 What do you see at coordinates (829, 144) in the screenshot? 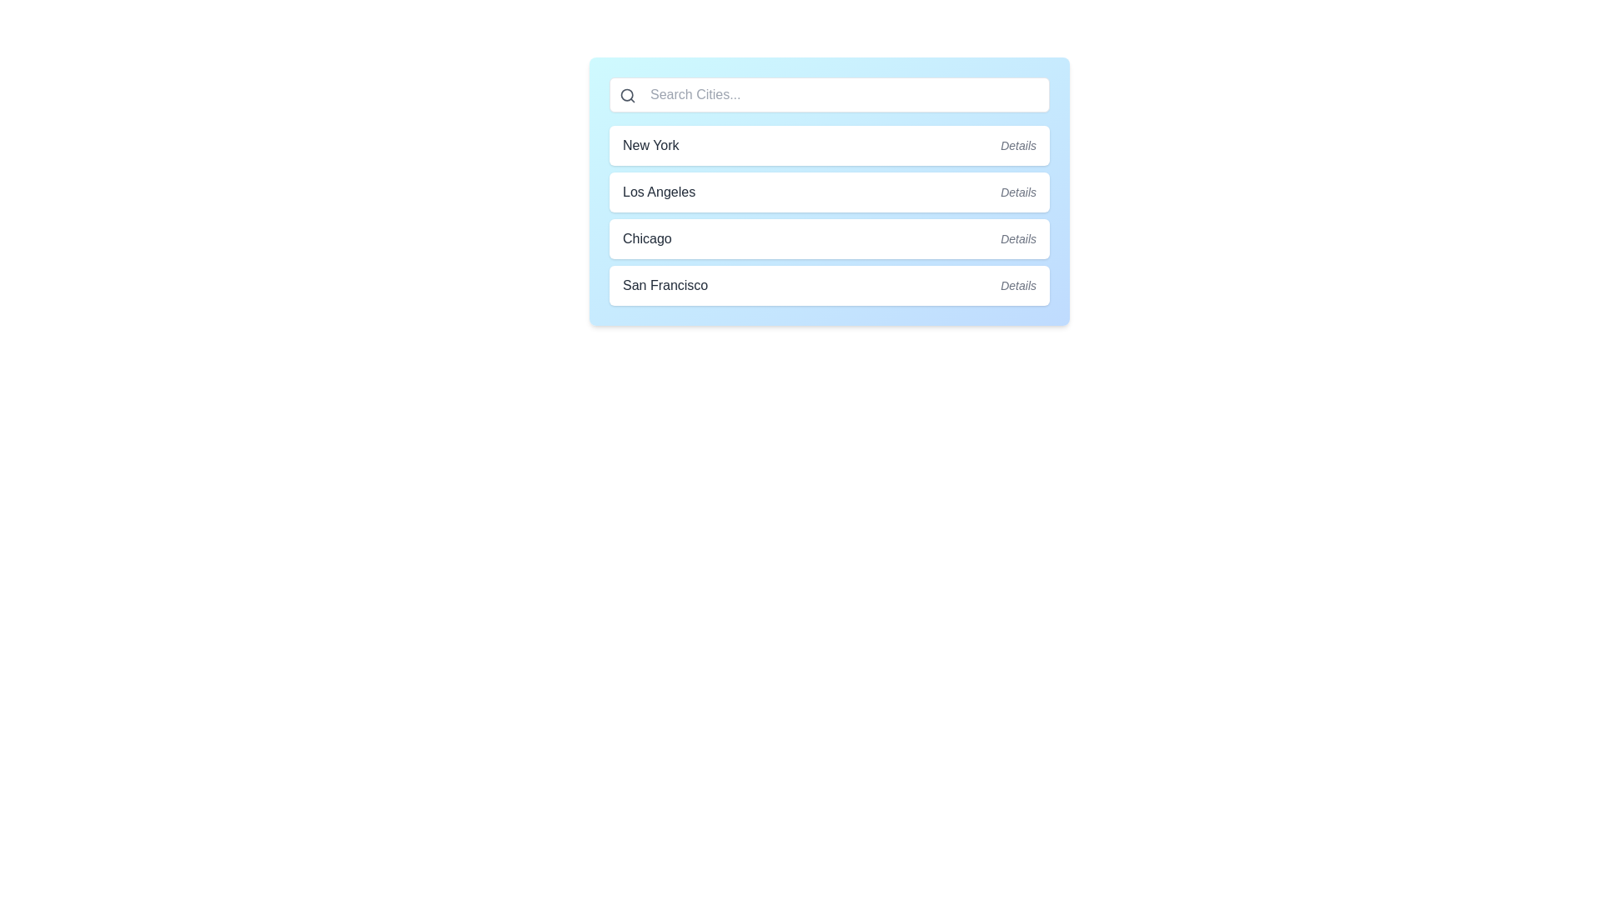
I see `the first button-like list item labeled 'New York' with a white background and shadow effect` at bounding box center [829, 144].